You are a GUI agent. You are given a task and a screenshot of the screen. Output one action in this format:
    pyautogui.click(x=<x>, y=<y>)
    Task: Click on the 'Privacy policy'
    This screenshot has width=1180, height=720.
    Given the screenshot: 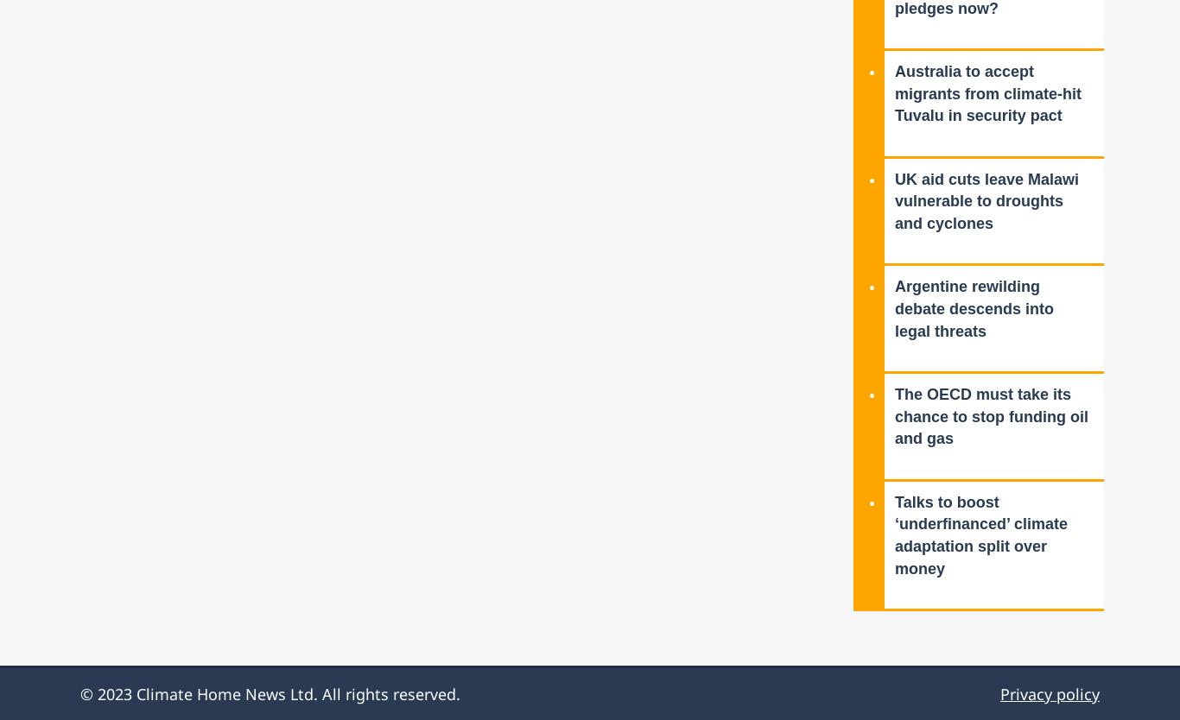 What is the action you would take?
    pyautogui.click(x=1050, y=692)
    